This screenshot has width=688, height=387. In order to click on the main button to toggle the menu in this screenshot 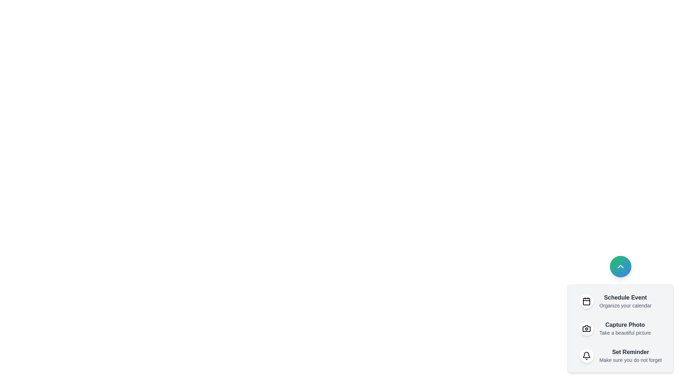, I will do `click(620, 267)`.